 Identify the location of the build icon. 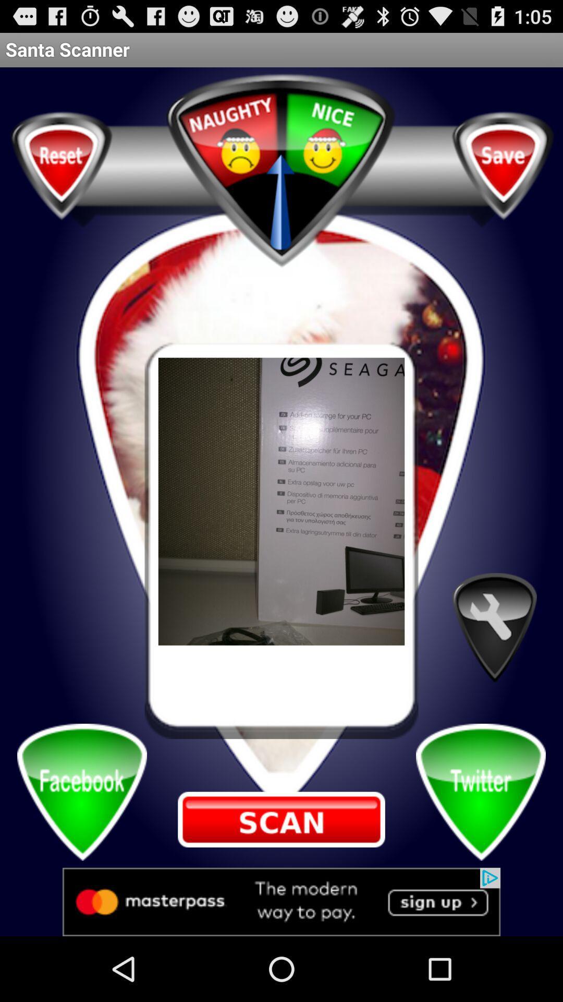
(494, 672).